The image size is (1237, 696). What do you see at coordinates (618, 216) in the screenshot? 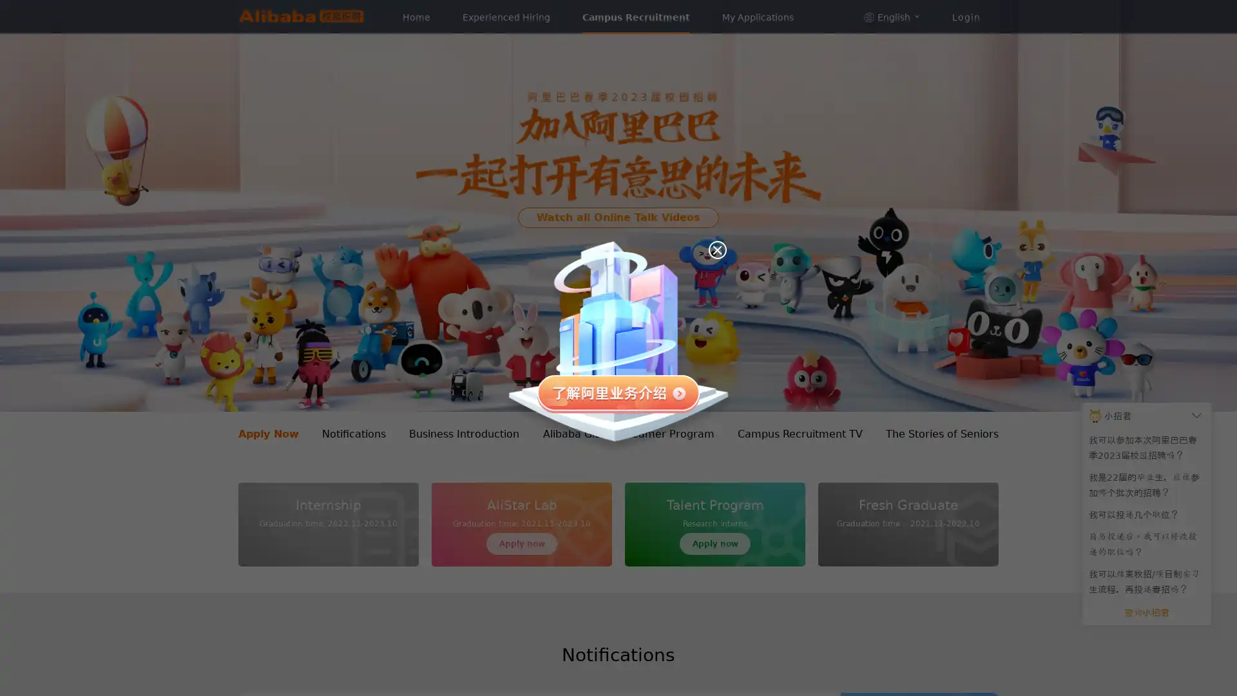
I see `Watch all Online Talk Videos` at bounding box center [618, 216].